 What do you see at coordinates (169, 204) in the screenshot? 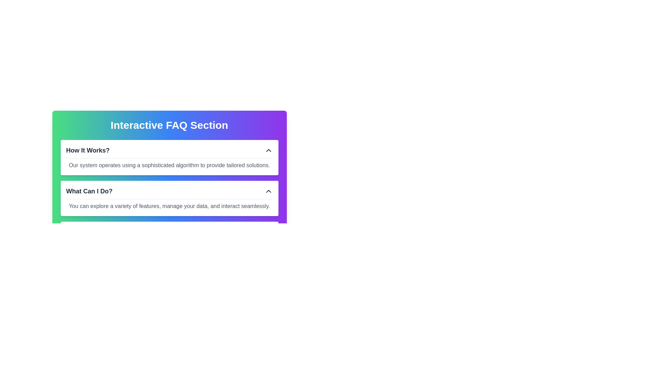
I see `the text element displaying the message 'You can explore a variety of features, manage your data, and interact seamlessly.' located in the FAQ section under the 'What Can I Do?' header` at bounding box center [169, 204].